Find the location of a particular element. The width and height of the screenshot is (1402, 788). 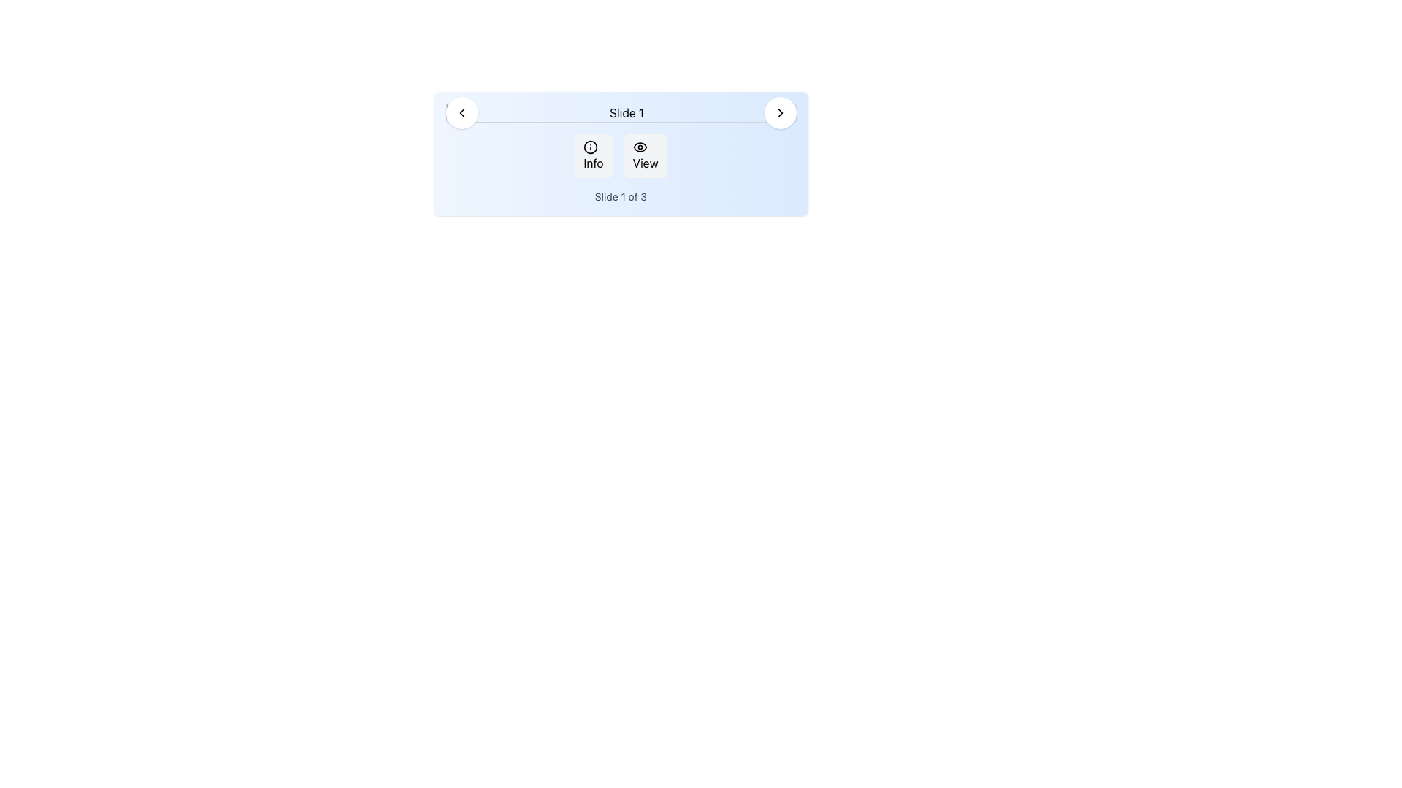

the 'Info' button, which is a rectangular button with rounded corners and a light gray background containing a black circular information icon and the label 'Info' is located at coordinates (593, 155).